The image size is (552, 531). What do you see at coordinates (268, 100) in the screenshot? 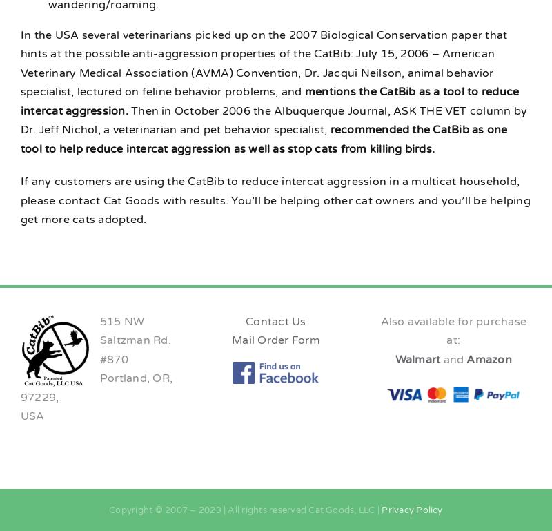
I see `'mentions the CatBib as a tool to reduce intercat aggression.'` at bounding box center [268, 100].